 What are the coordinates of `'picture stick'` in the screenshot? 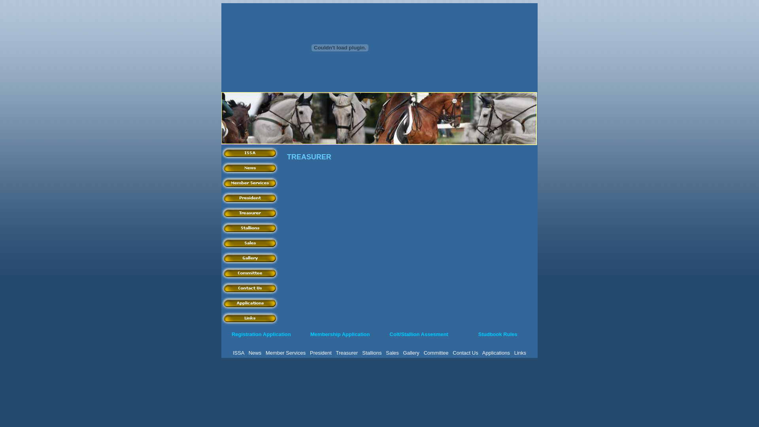 It's located at (221, 119).